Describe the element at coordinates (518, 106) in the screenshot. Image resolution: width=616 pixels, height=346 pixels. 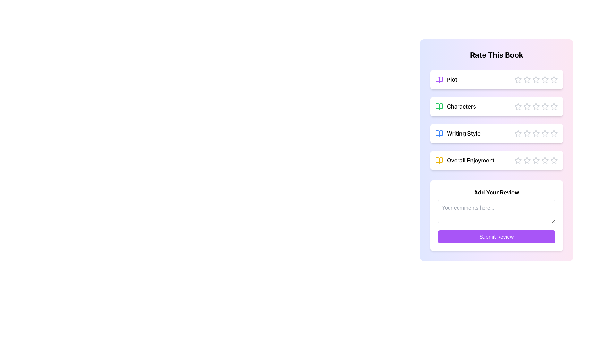
I see `the first star-shaped icon in the horizontal arrangement of stars under the 'Characters' rating label` at that location.